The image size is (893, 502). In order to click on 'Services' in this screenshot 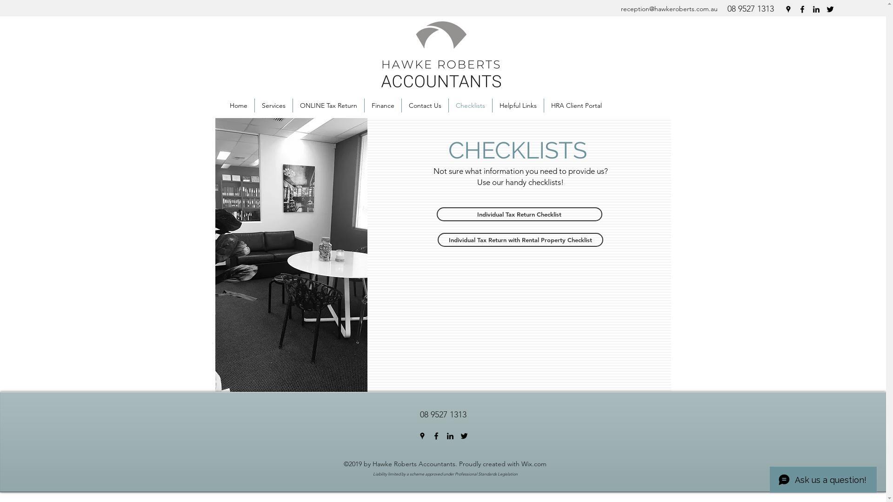, I will do `click(273, 105)`.